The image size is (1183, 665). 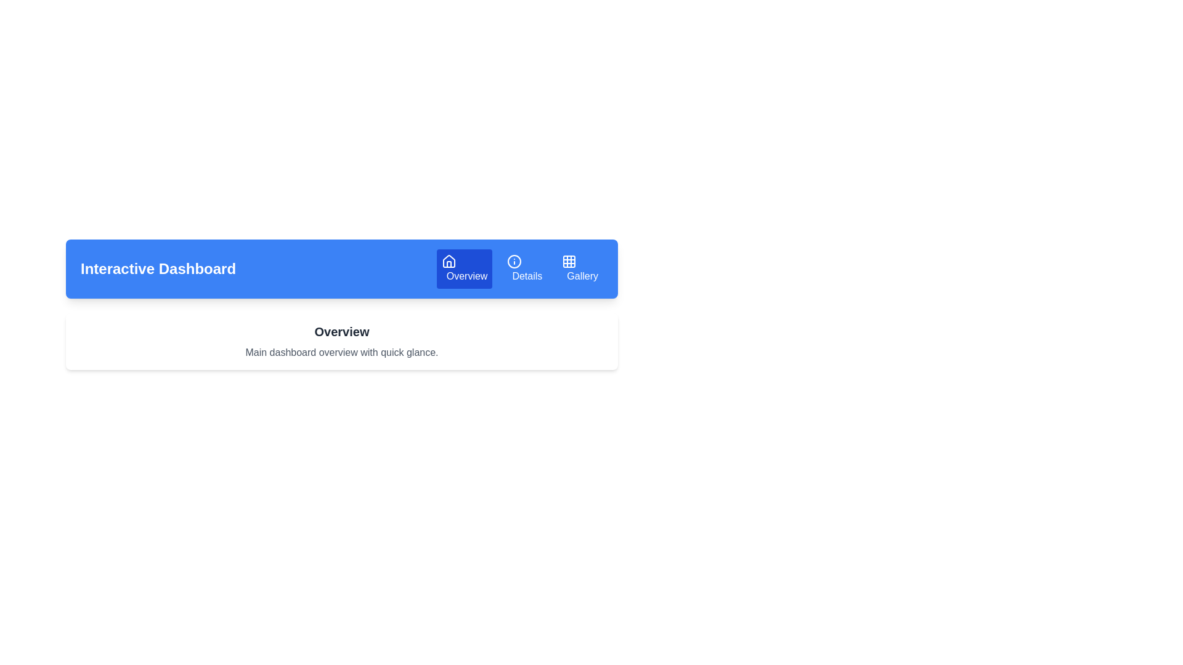 I want to click on the 'Details' tab to activate it, so click(x=524, y=268).